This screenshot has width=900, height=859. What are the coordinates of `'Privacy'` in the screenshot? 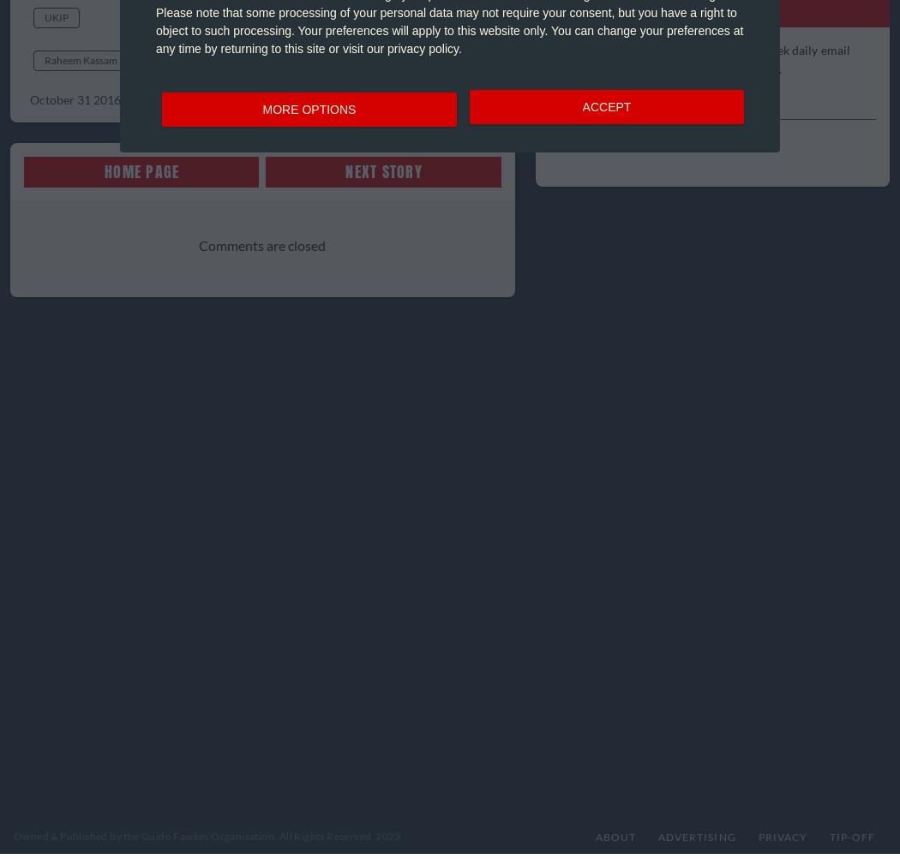 It's located at (756, 835).